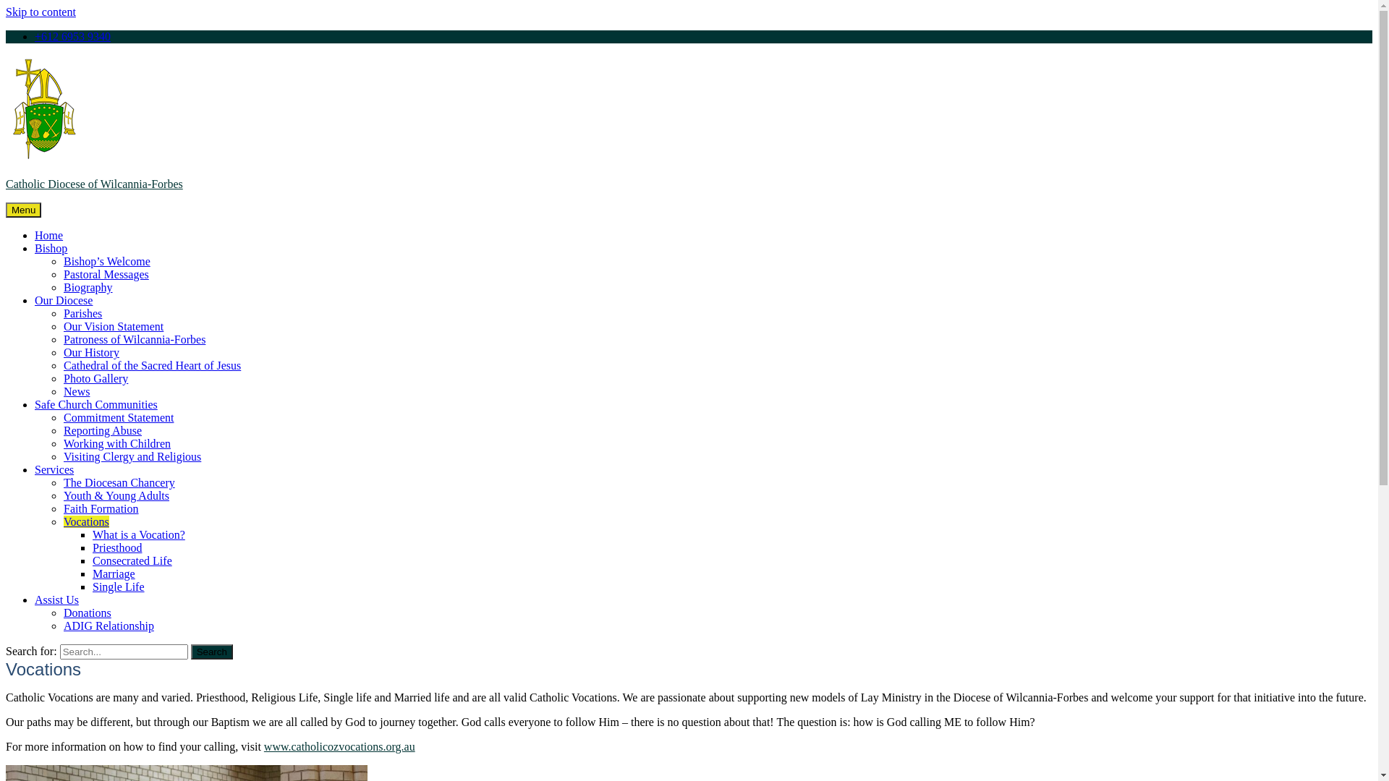 This screenshot has width=1389, height=781. What do you see at coordinates (95, 404) in the screenshot?
I see `'Safe Church Communities'` at bounding box center [95, 404].